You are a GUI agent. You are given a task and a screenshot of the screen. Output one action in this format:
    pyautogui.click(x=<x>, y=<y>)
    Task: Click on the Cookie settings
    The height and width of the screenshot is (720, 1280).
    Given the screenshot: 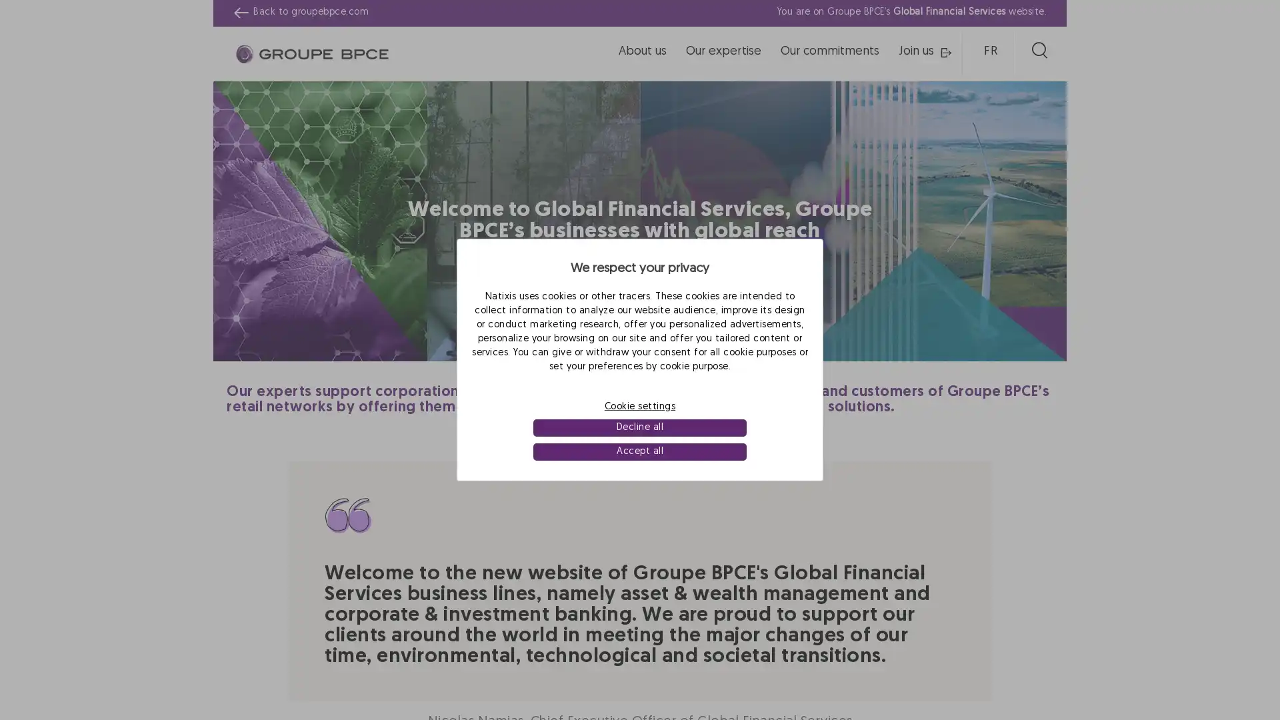 What is the action you would take?
    pyautogui.click(x=640, y=405)
    